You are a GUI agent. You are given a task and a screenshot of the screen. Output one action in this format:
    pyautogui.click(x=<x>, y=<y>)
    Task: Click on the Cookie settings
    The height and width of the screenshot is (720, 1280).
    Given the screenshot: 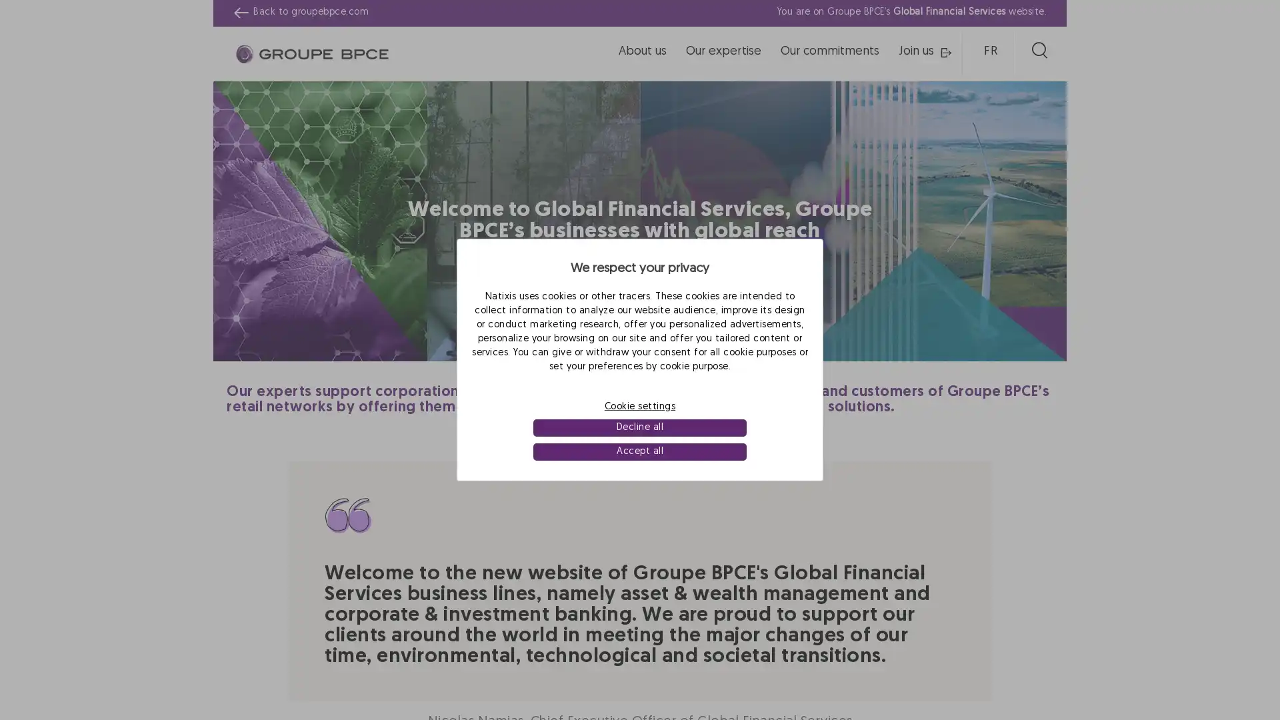 What is the action you would take?
    pyautogui.click(x=640, y=405)
    